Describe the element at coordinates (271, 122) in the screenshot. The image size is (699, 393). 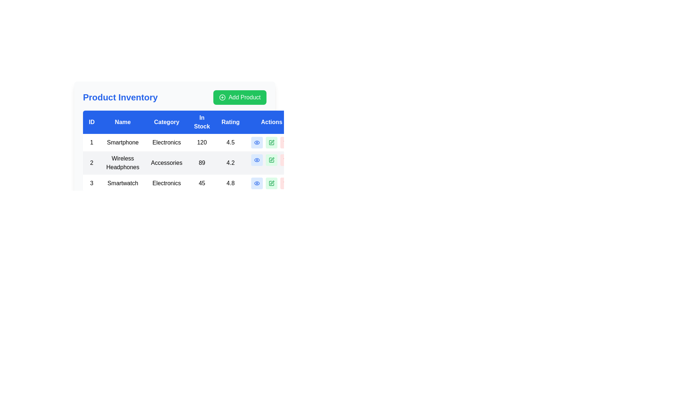
I see `the Table Header Label located at the top-right corner of the tabular header row, which indicates actions related to the data rows beneath it` at that location.